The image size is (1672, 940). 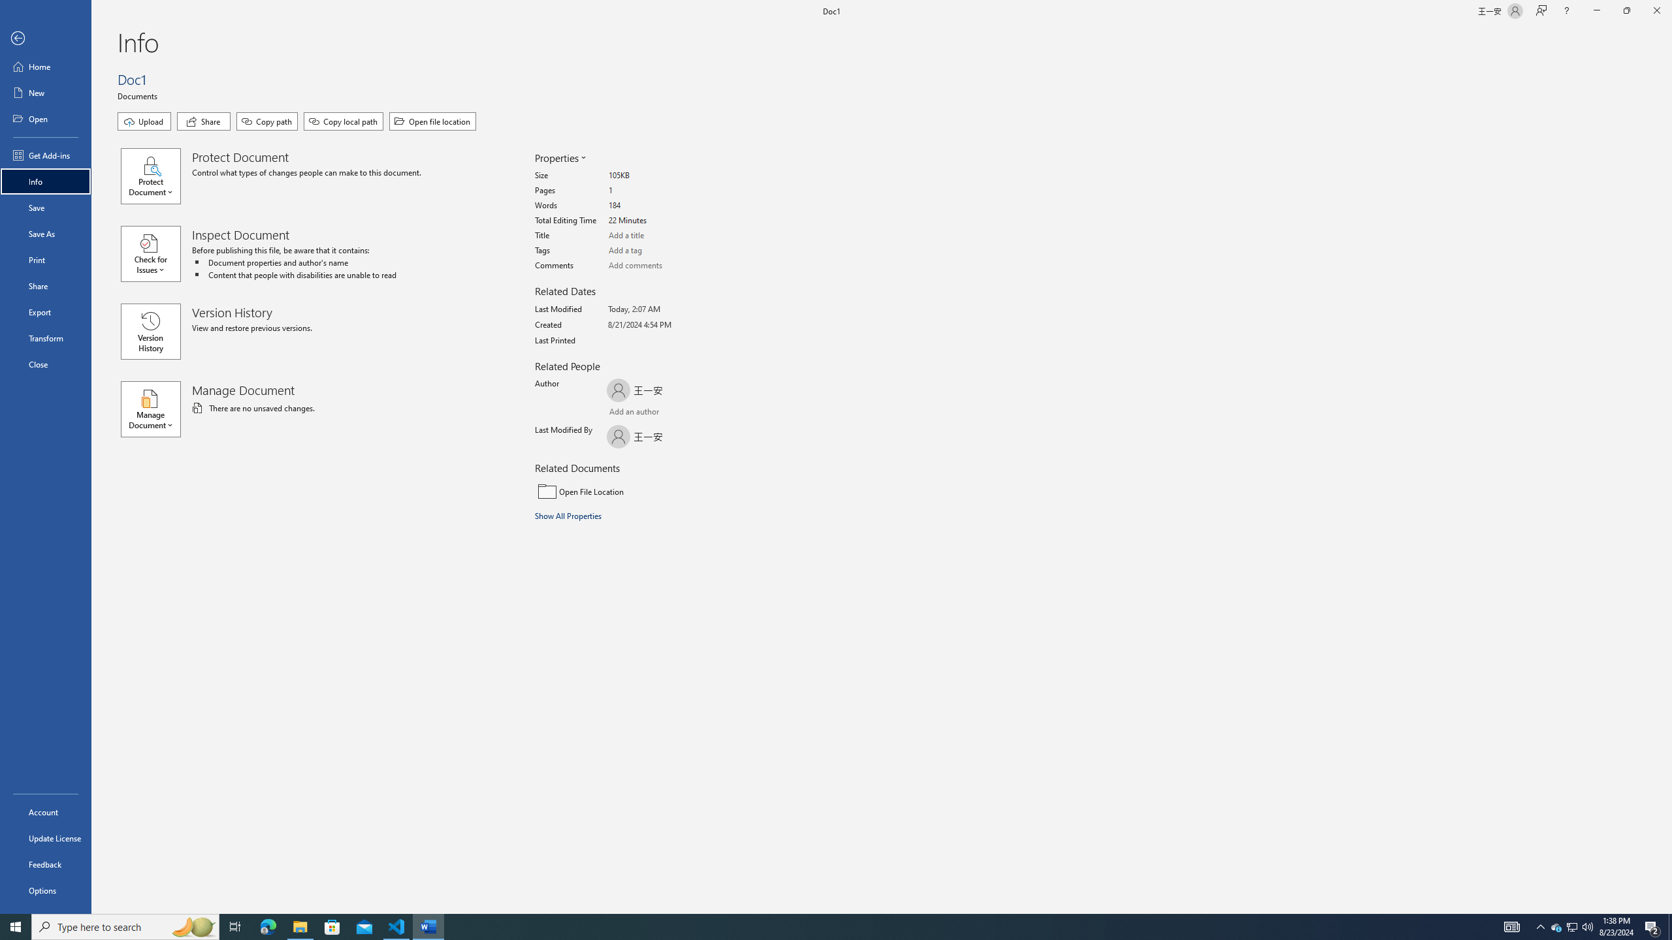 What do you see at coordinates (45, 312) in the screenshot?
I see `'Export'` at bounding box center [45, 312].